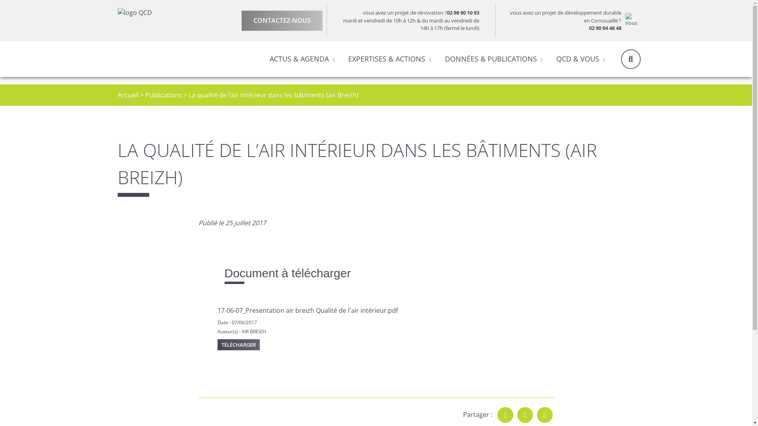 The height and width of the screenshot is (426, 758). I want to click on 'EQUIPE', so click(270, 84).